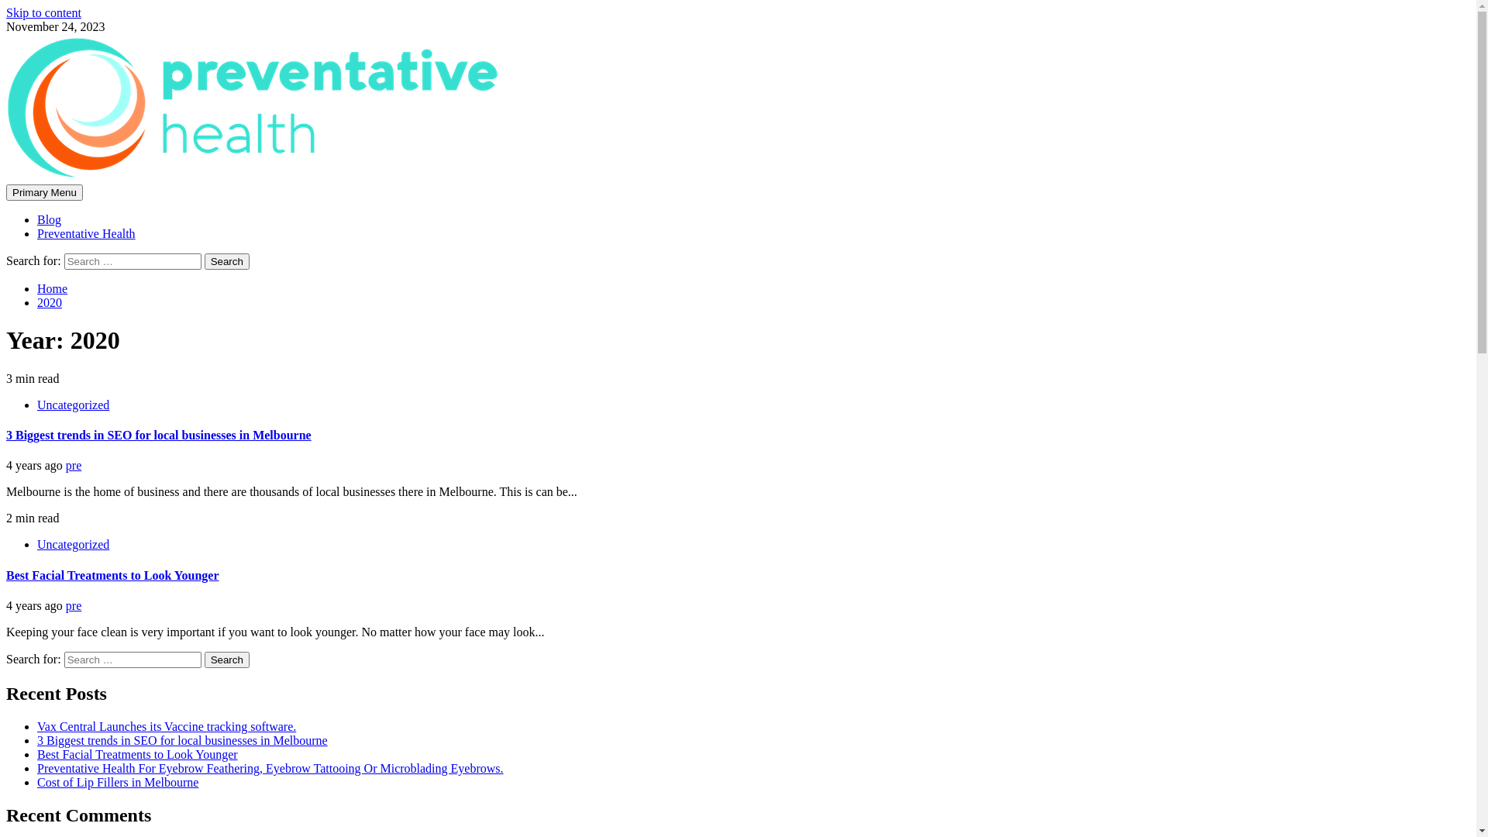  Describe the element at coordinates (43, 12) in the screenshot. I see `'Skip to content'` at that location.